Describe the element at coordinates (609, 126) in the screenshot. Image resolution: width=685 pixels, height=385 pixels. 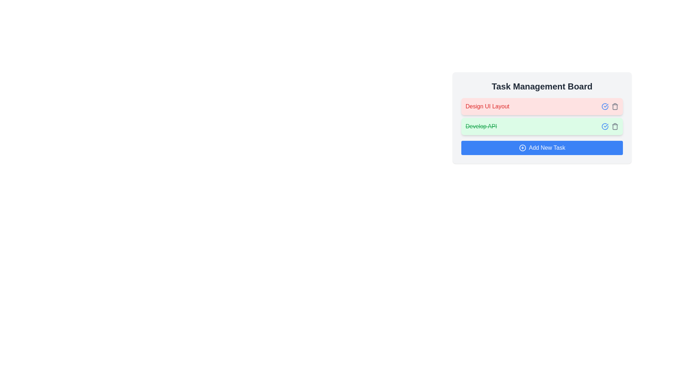
I see `the blue checkmark icon located to the far right of the 'Develop API' task row within the green-bordered task box to mark the task as done` at that location.